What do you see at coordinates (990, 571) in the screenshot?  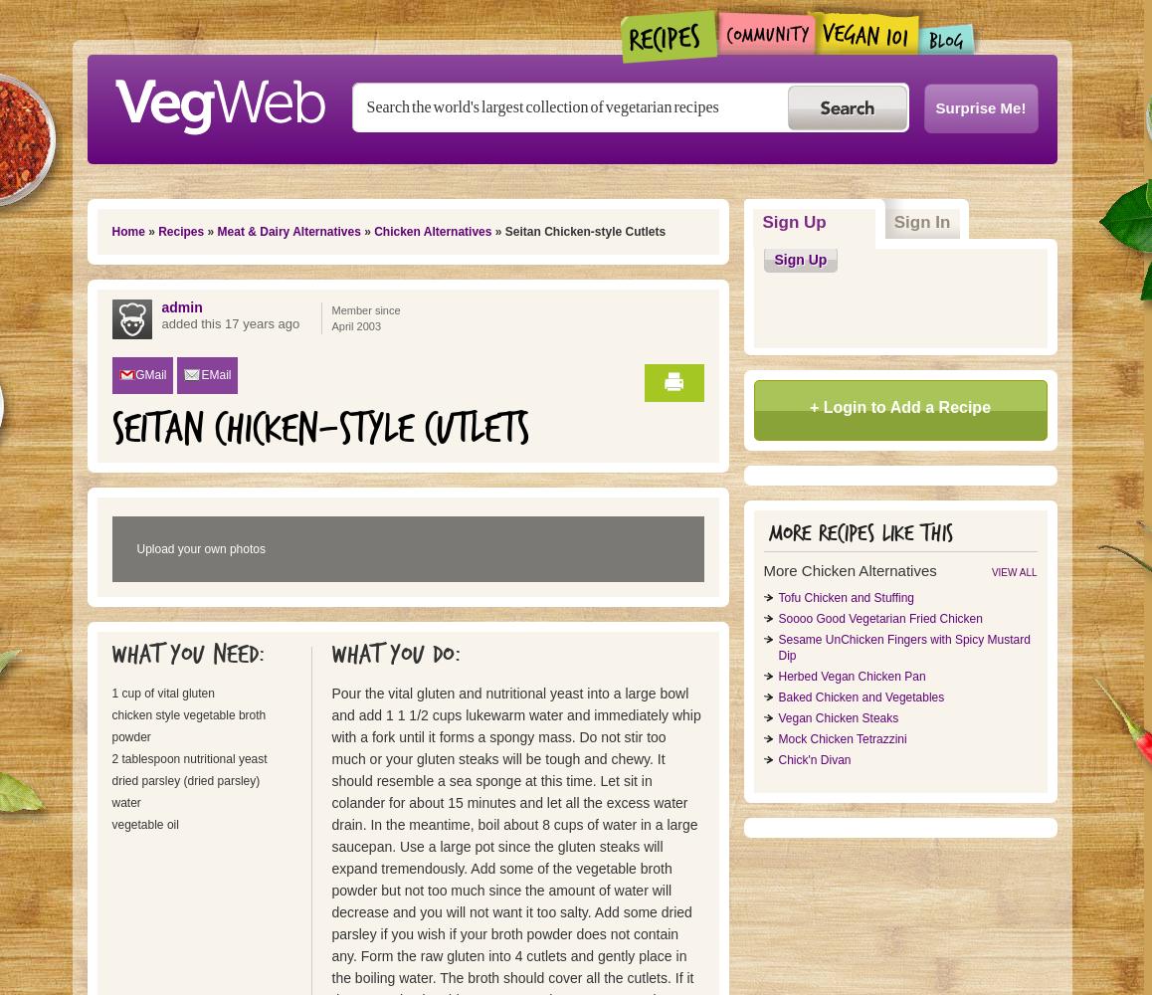 I see `'View all'` at bounding box center [990, 571].